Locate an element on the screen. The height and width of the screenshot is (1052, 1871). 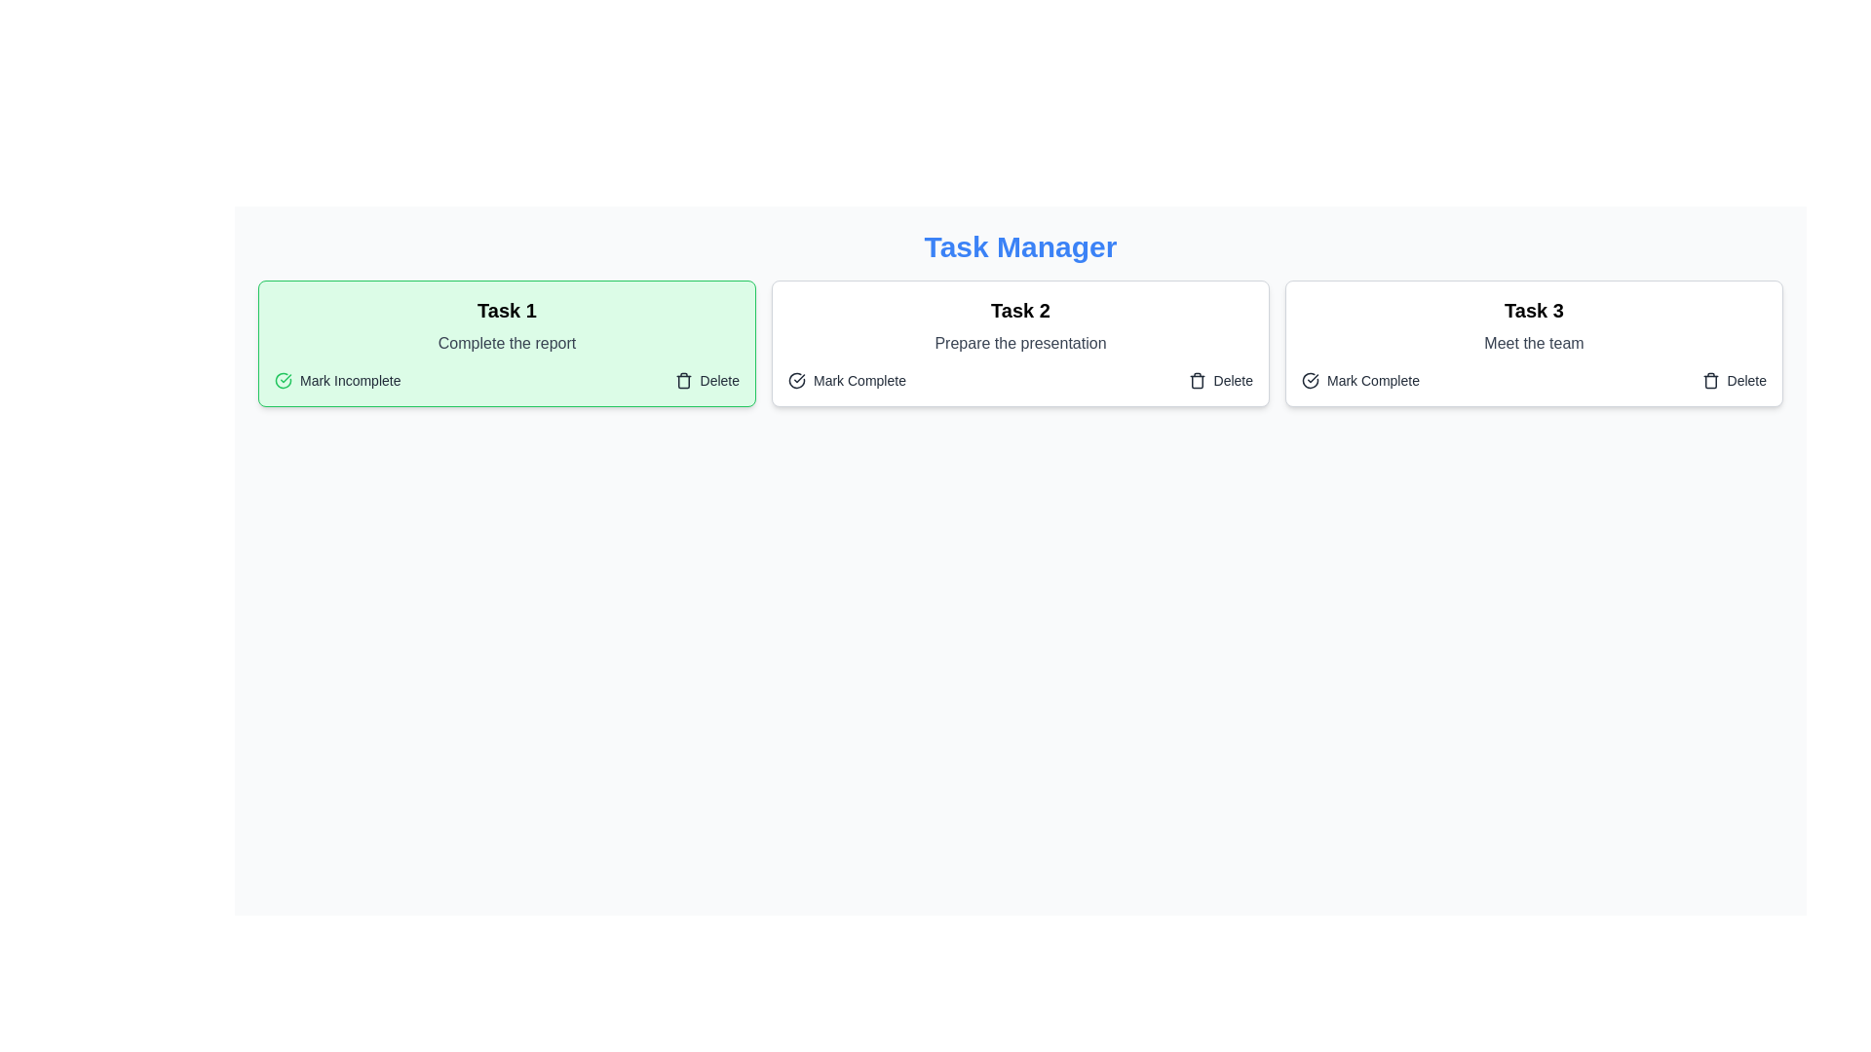
the trash can icon associated with the delete functionality within the 'Task 1' card is located at coordinates (683, 382).